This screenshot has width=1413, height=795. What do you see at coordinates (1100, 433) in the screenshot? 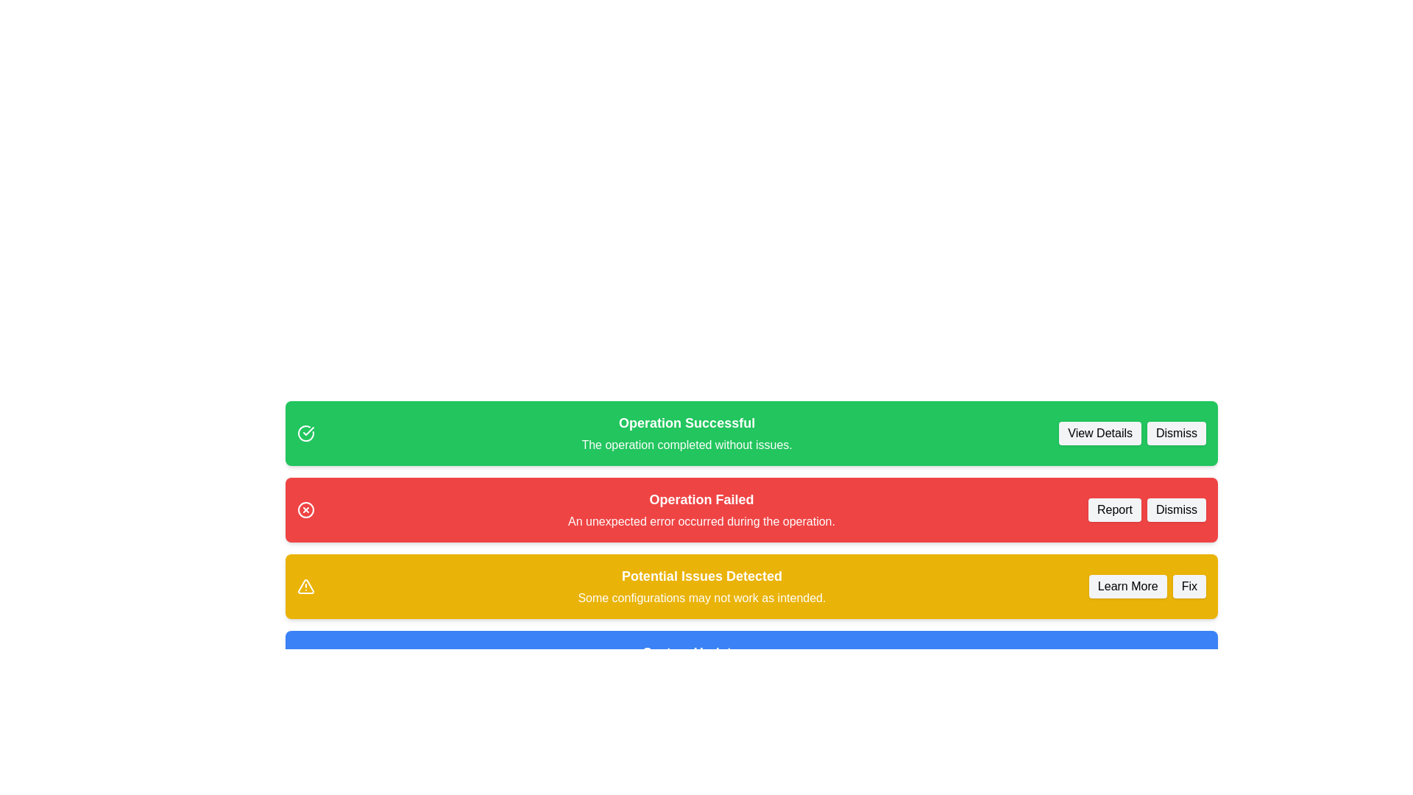
I see `the button located in the green notification bar labeled 'Operation Successful'` at bounding box center [1100, 433].